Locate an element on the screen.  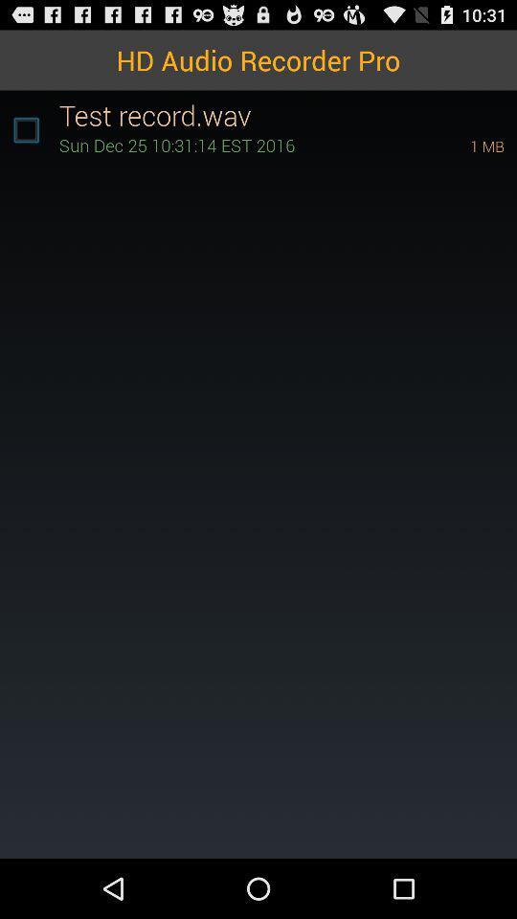
item next to sun dec 25 is located at coordinates (460, 145).